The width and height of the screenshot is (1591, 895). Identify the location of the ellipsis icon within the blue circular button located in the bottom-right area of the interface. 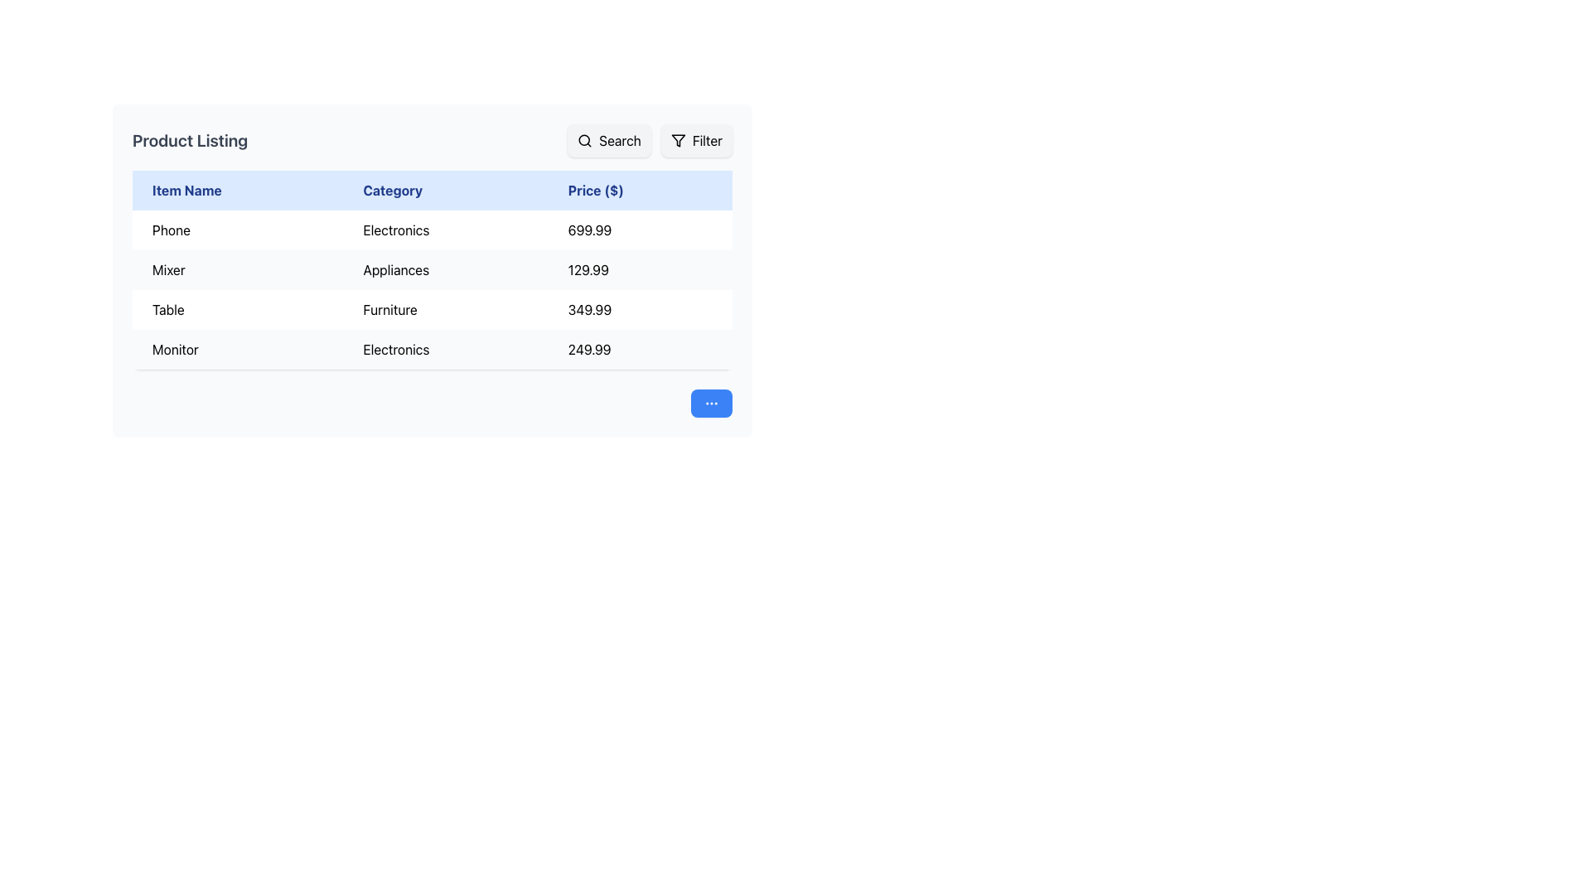
(712, 403).